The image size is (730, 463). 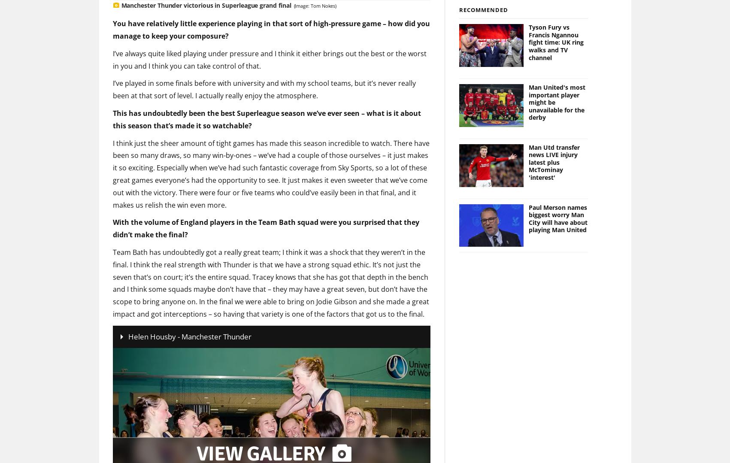 I want to click on 'Tyson Fury vs Francis Ngannou fight time: UK ring walks and TV channel', so click(x=556, y=28).